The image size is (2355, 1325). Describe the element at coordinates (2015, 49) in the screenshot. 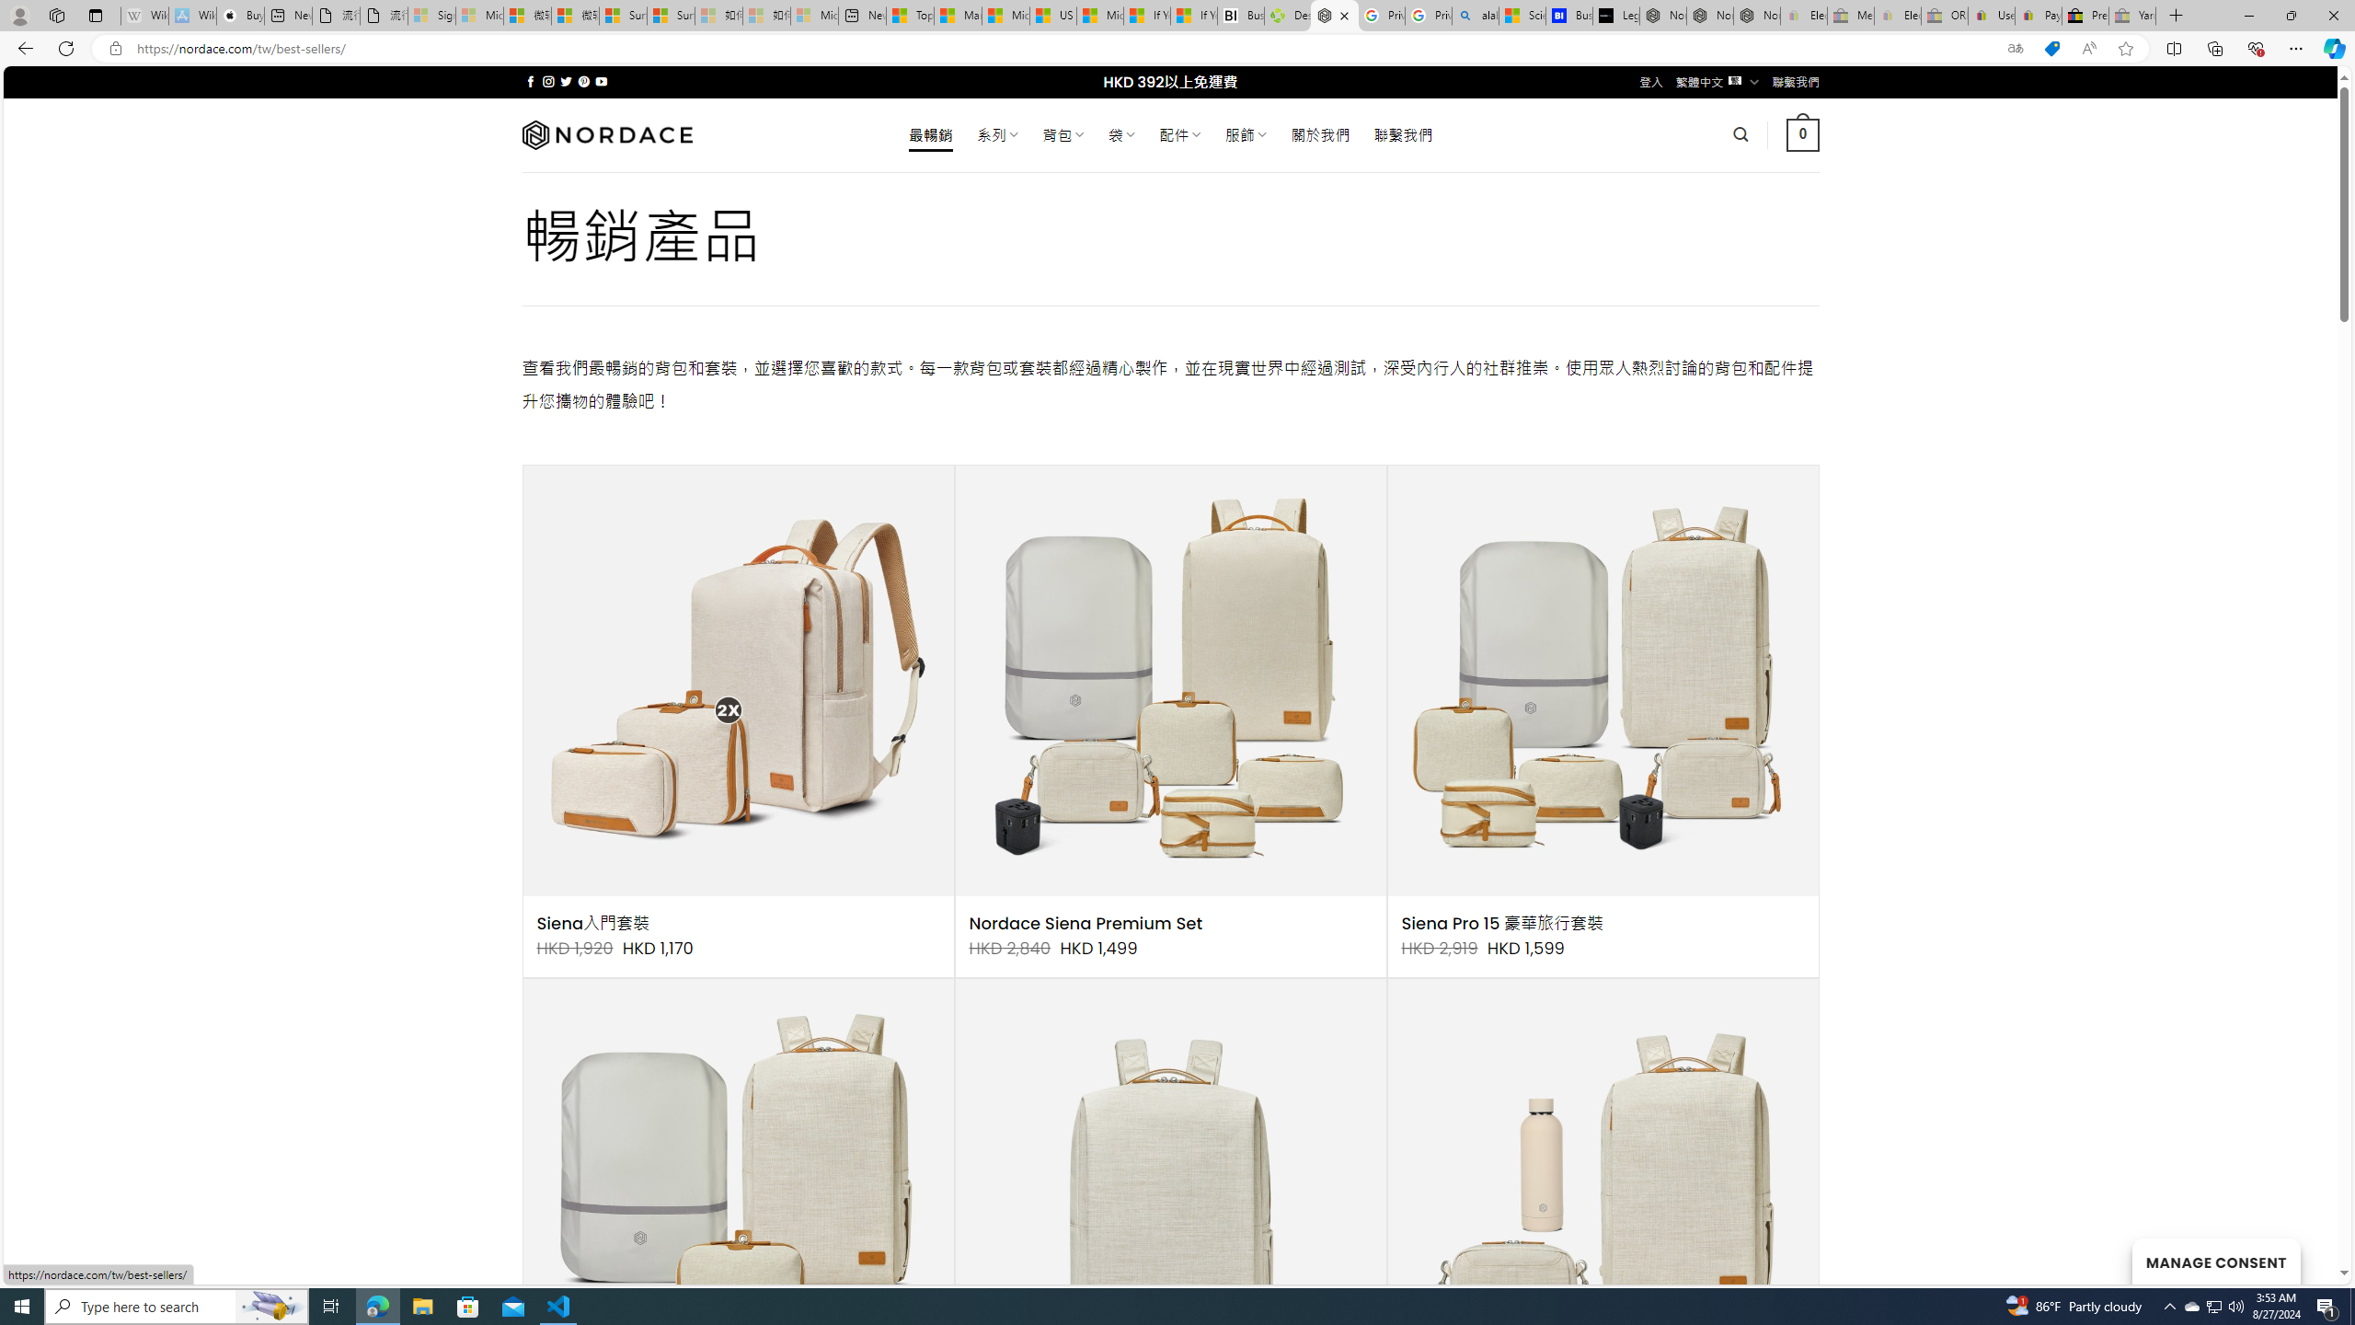

I see `'Show translate options'` at that location.